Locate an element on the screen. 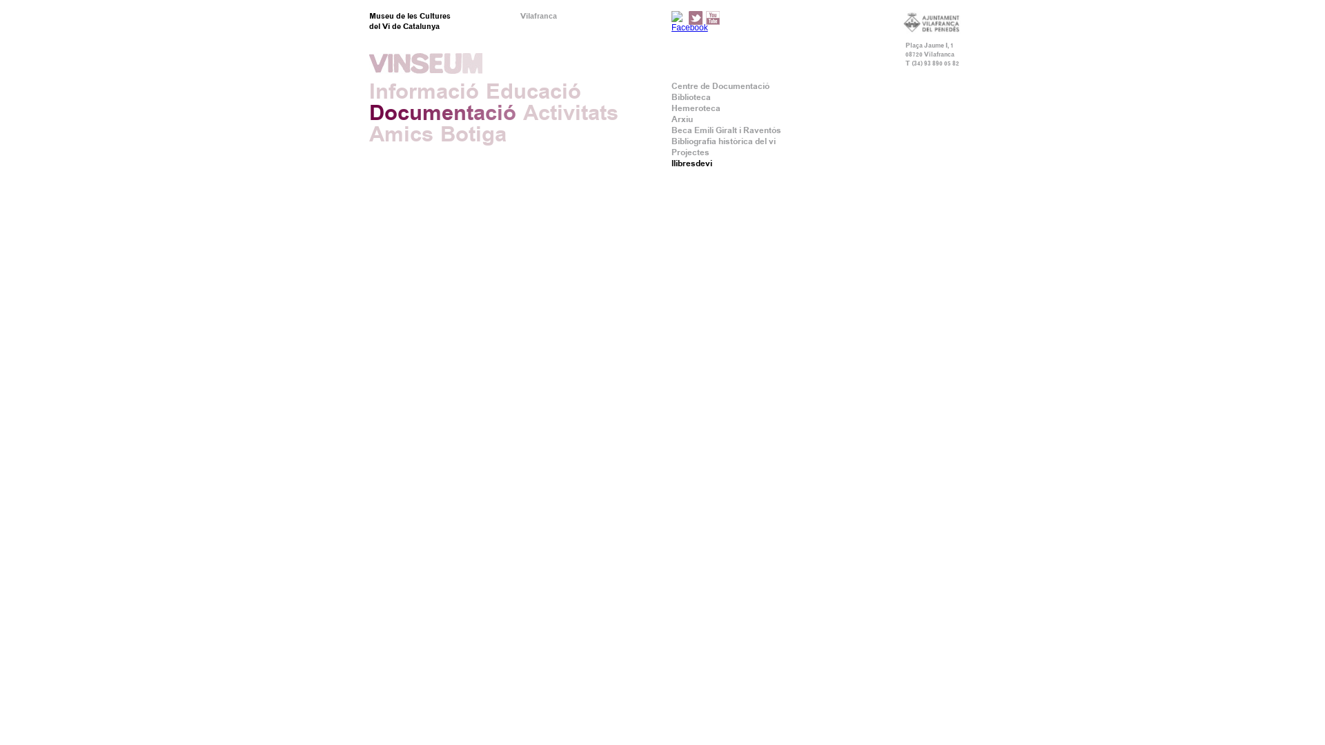 Image resolution: width=1325 pixels, height=745 pixels. 'Projectes' is located at coordinates (690, 152).